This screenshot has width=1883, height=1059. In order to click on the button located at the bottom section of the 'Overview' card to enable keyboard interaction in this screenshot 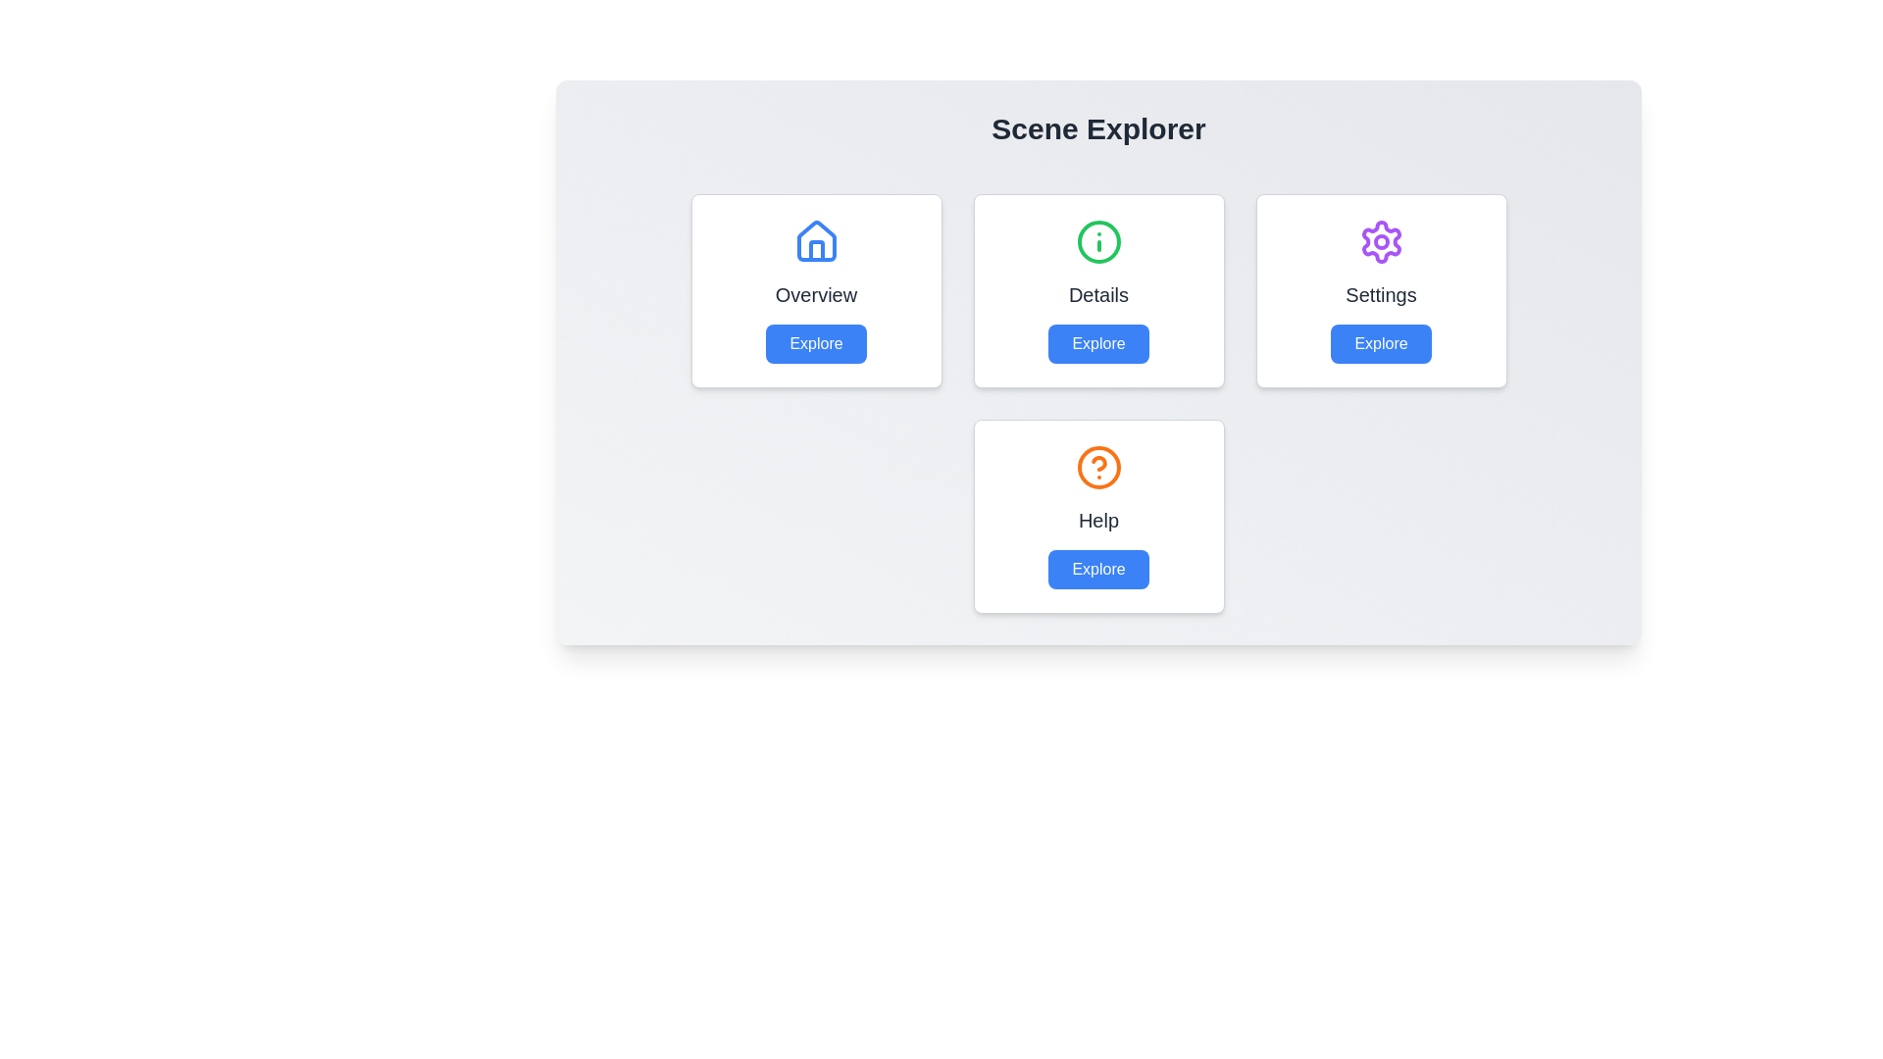, I will do `click(816, 343)`.